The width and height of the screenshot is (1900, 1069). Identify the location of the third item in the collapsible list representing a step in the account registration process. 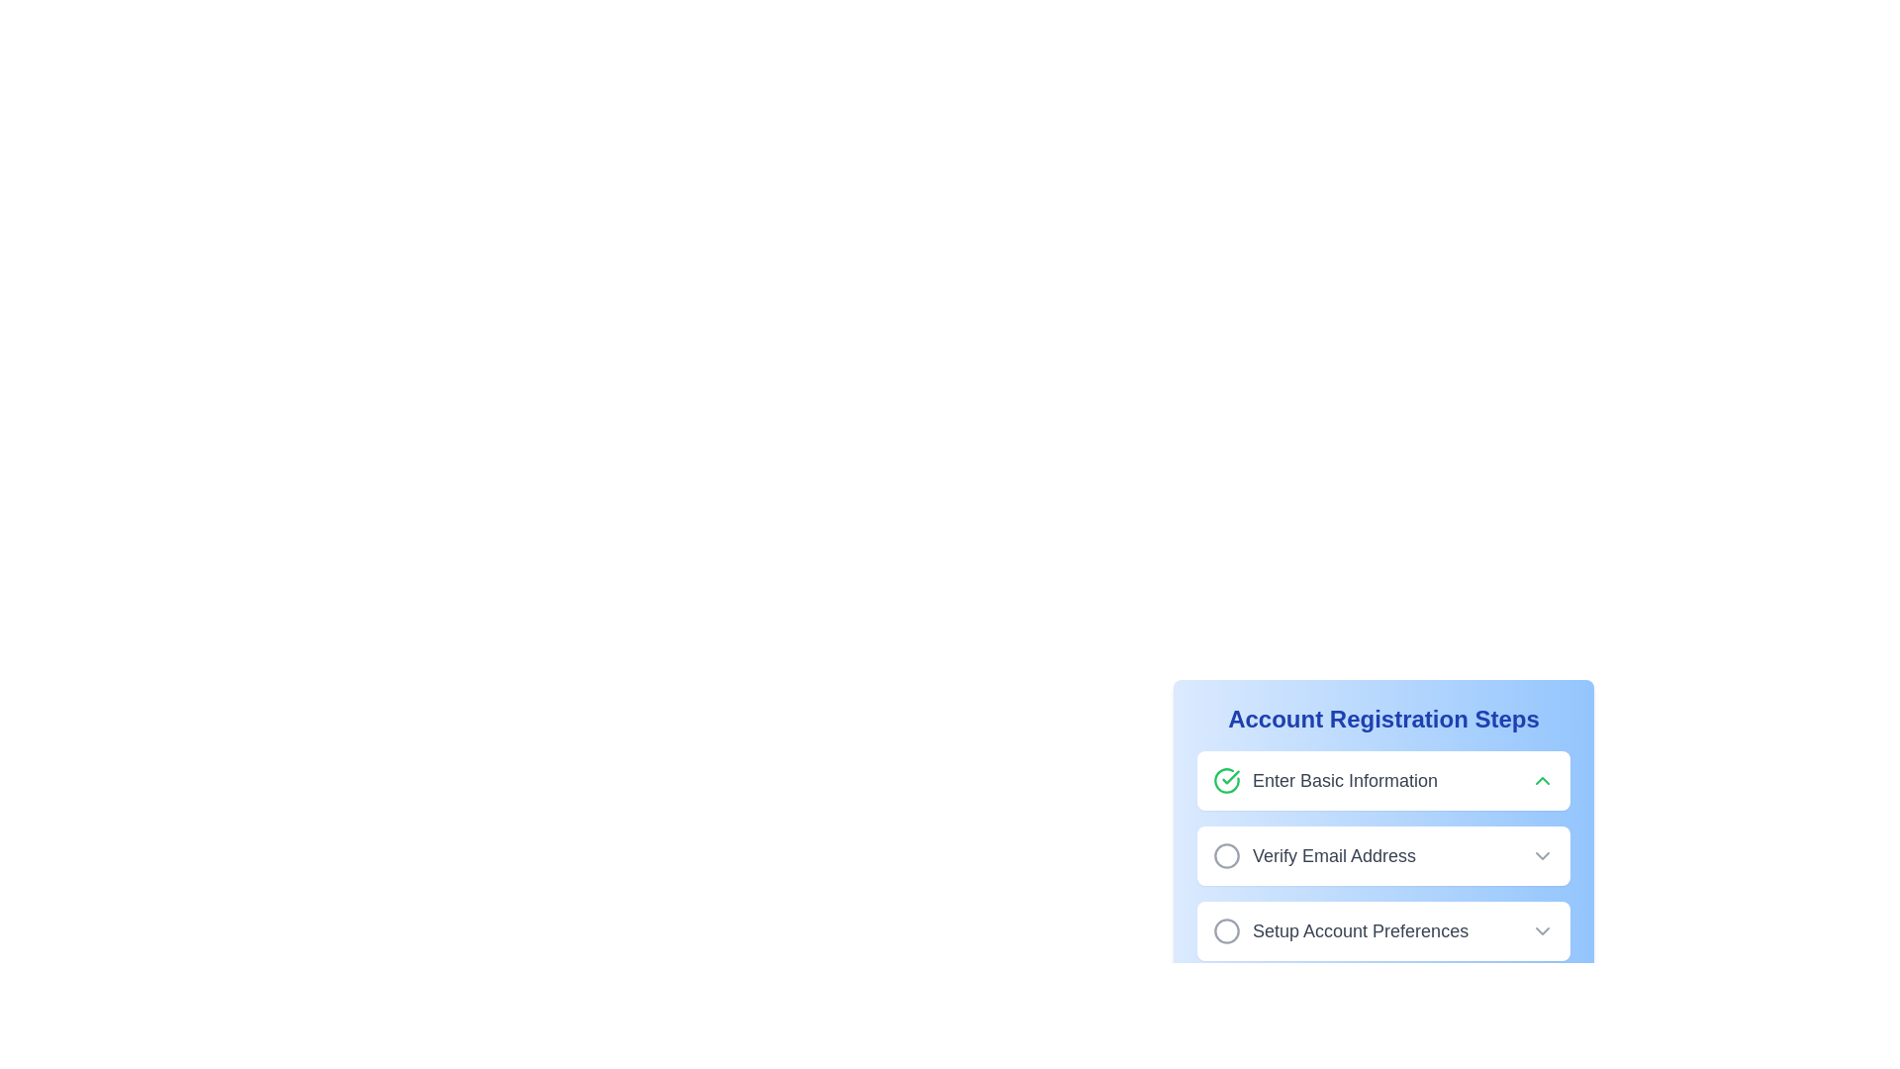
(1382, 931).